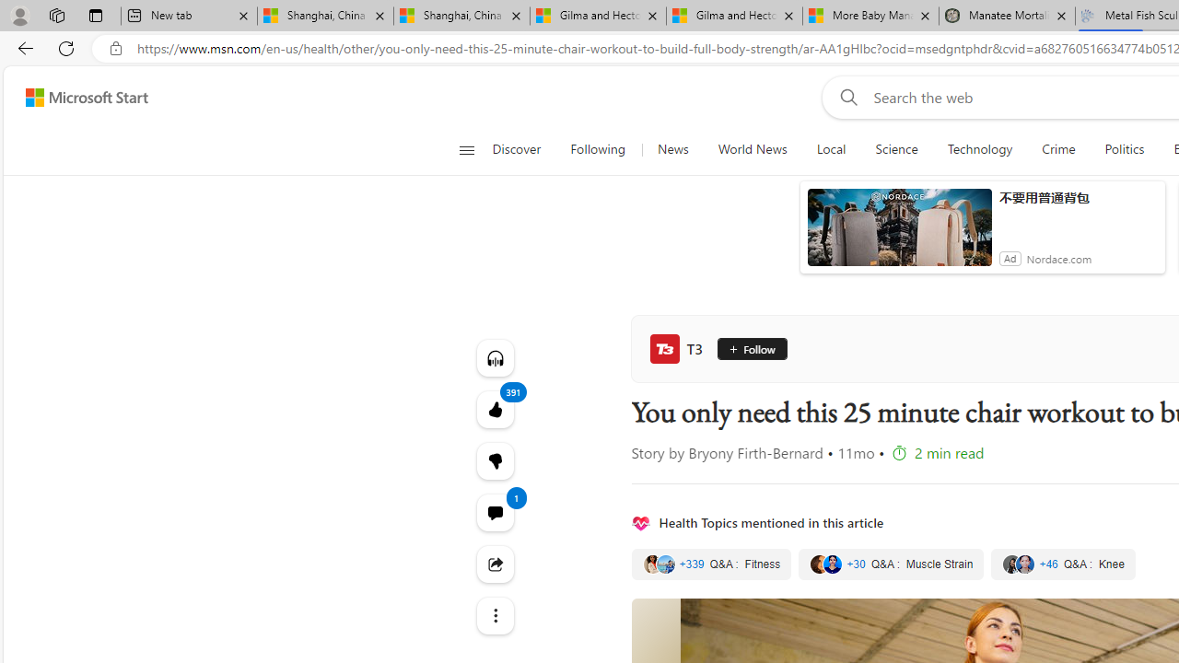 The image size is (1179, 663). I want to click on 'Technology', so click(978, 149).